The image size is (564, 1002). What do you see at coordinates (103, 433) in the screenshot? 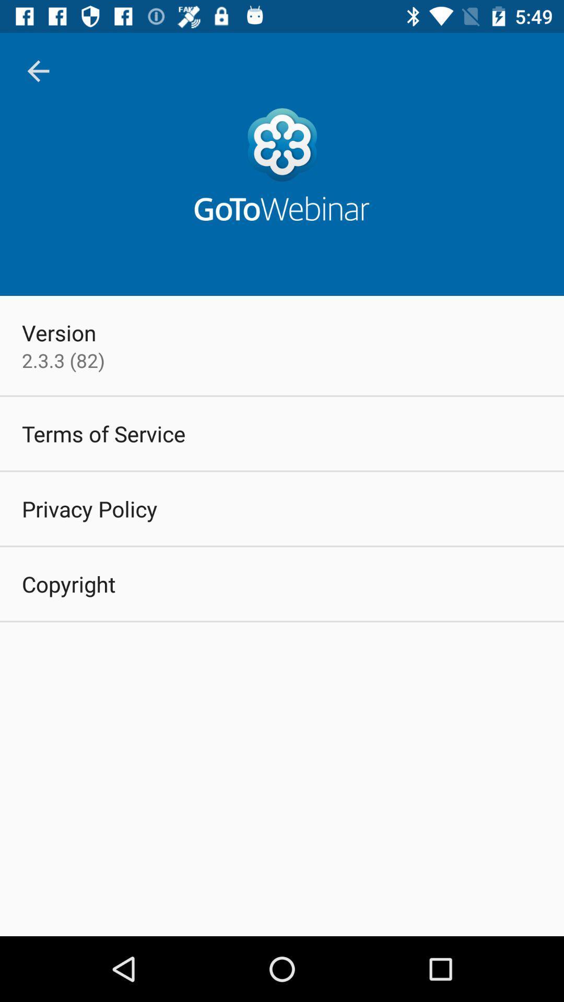
I see `the item below 2 3 3 item` at bounding box center [103, 433].